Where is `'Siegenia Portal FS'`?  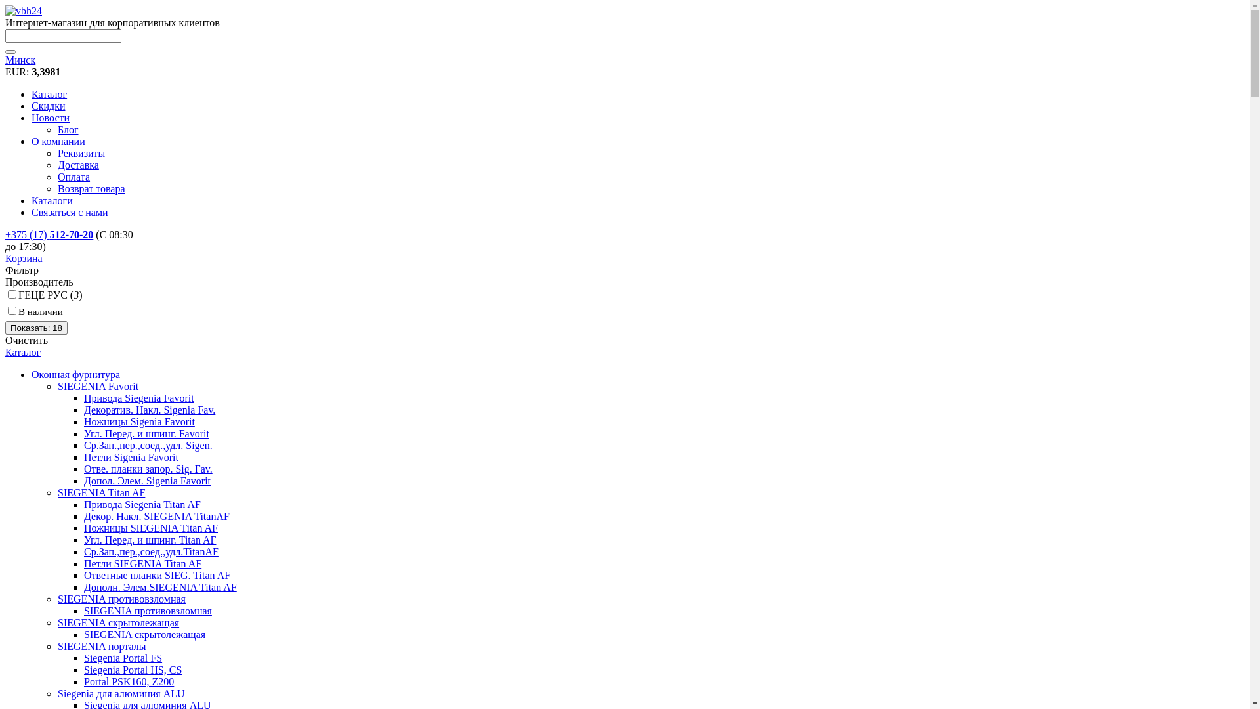 'Siegenia Portal FS' is located at coordinates (83, 658).